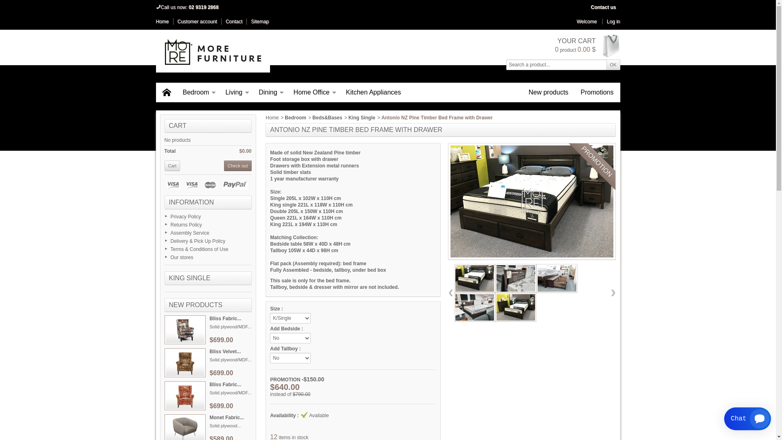  What do you see at coordinates (587, 45) in the screenshot?
I see `'YOUR CART` at bounding box center [587, 45].